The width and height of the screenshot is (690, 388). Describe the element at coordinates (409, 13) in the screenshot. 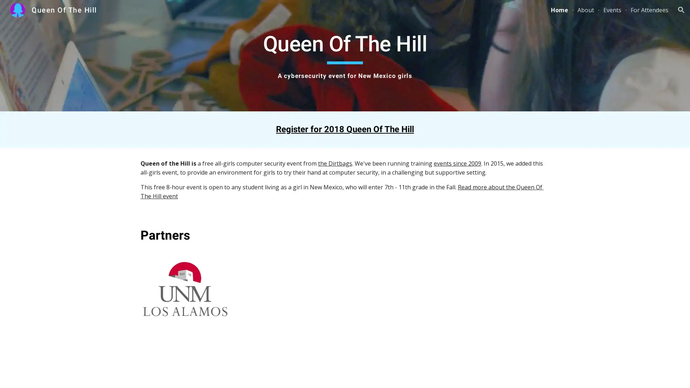

I see `Skip to navigation` at that location.